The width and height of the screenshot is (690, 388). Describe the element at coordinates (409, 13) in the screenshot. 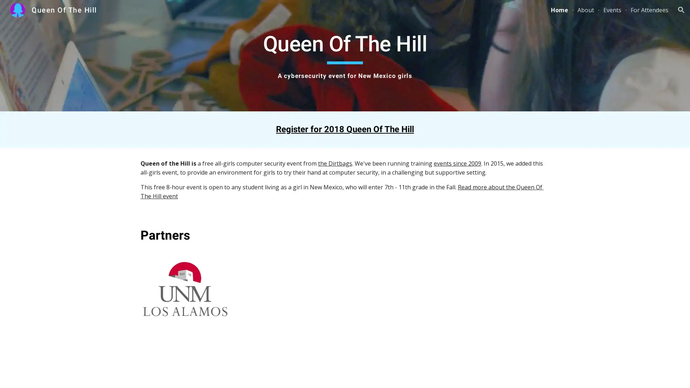

I see `Skip to navigation` at that location.